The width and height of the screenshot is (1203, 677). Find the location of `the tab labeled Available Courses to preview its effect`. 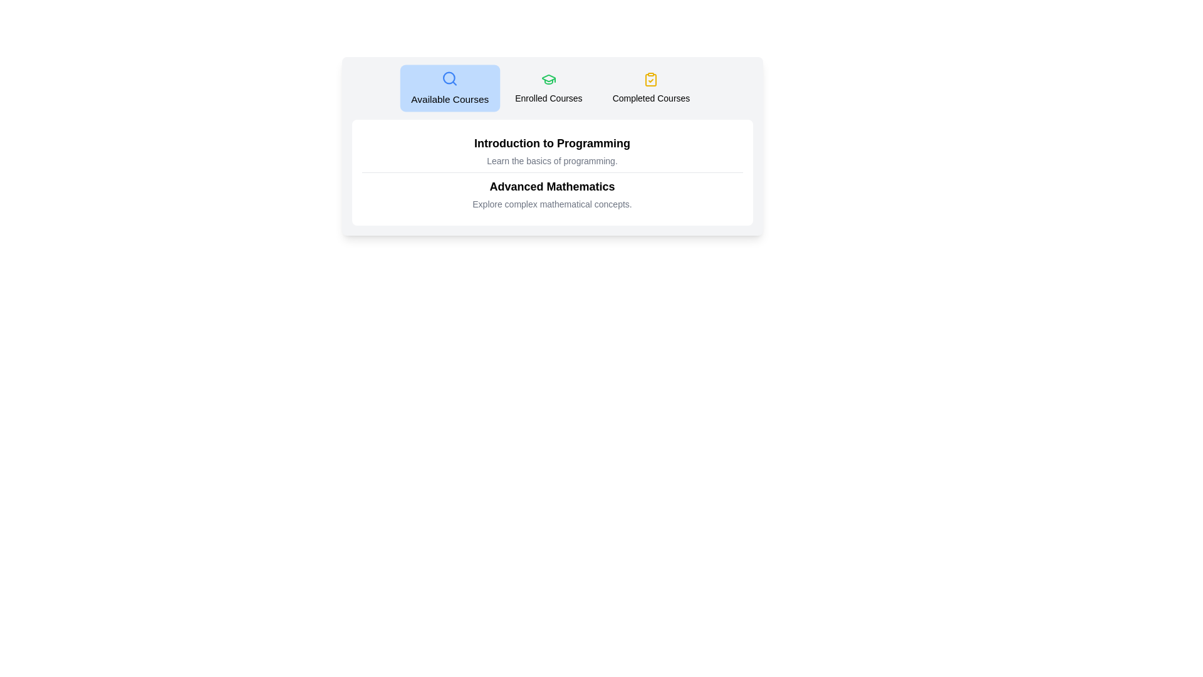

the tab labeled Available Courses to preview its effect is located at coordinates (449, 88).